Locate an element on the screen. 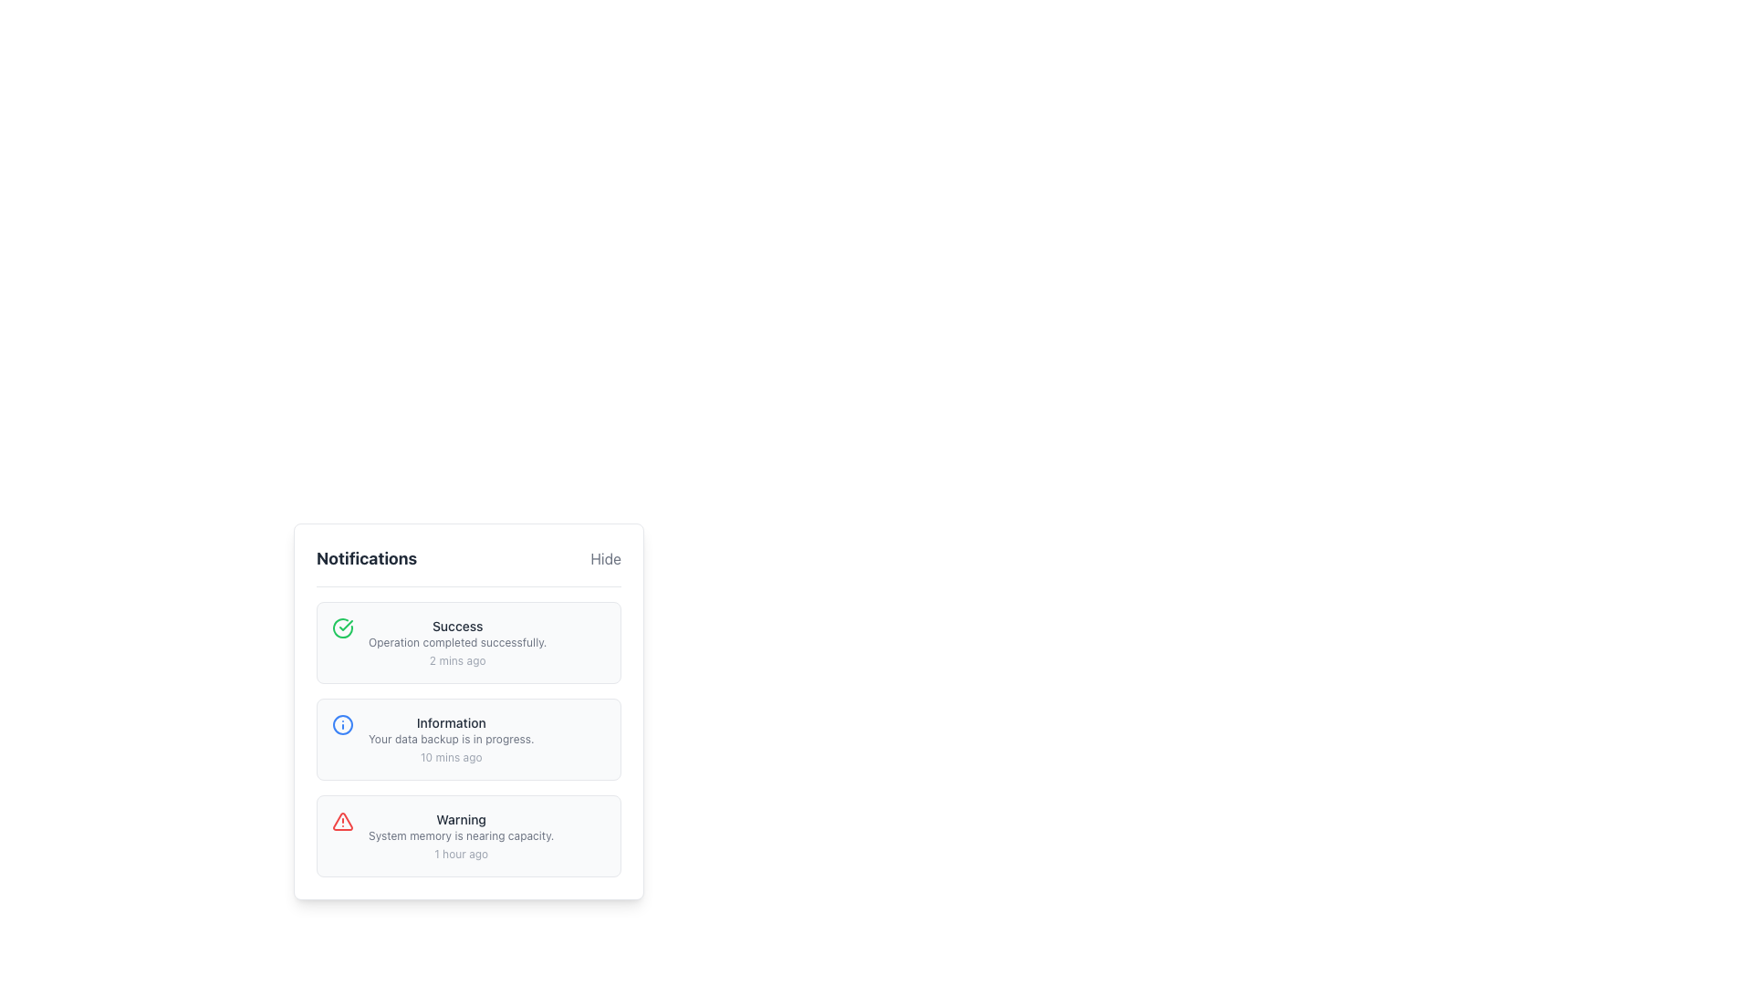 The image size is (1752, 985). the success indicator icon located to the left of the 'Success' notification text is located at coordinates (342, 627).